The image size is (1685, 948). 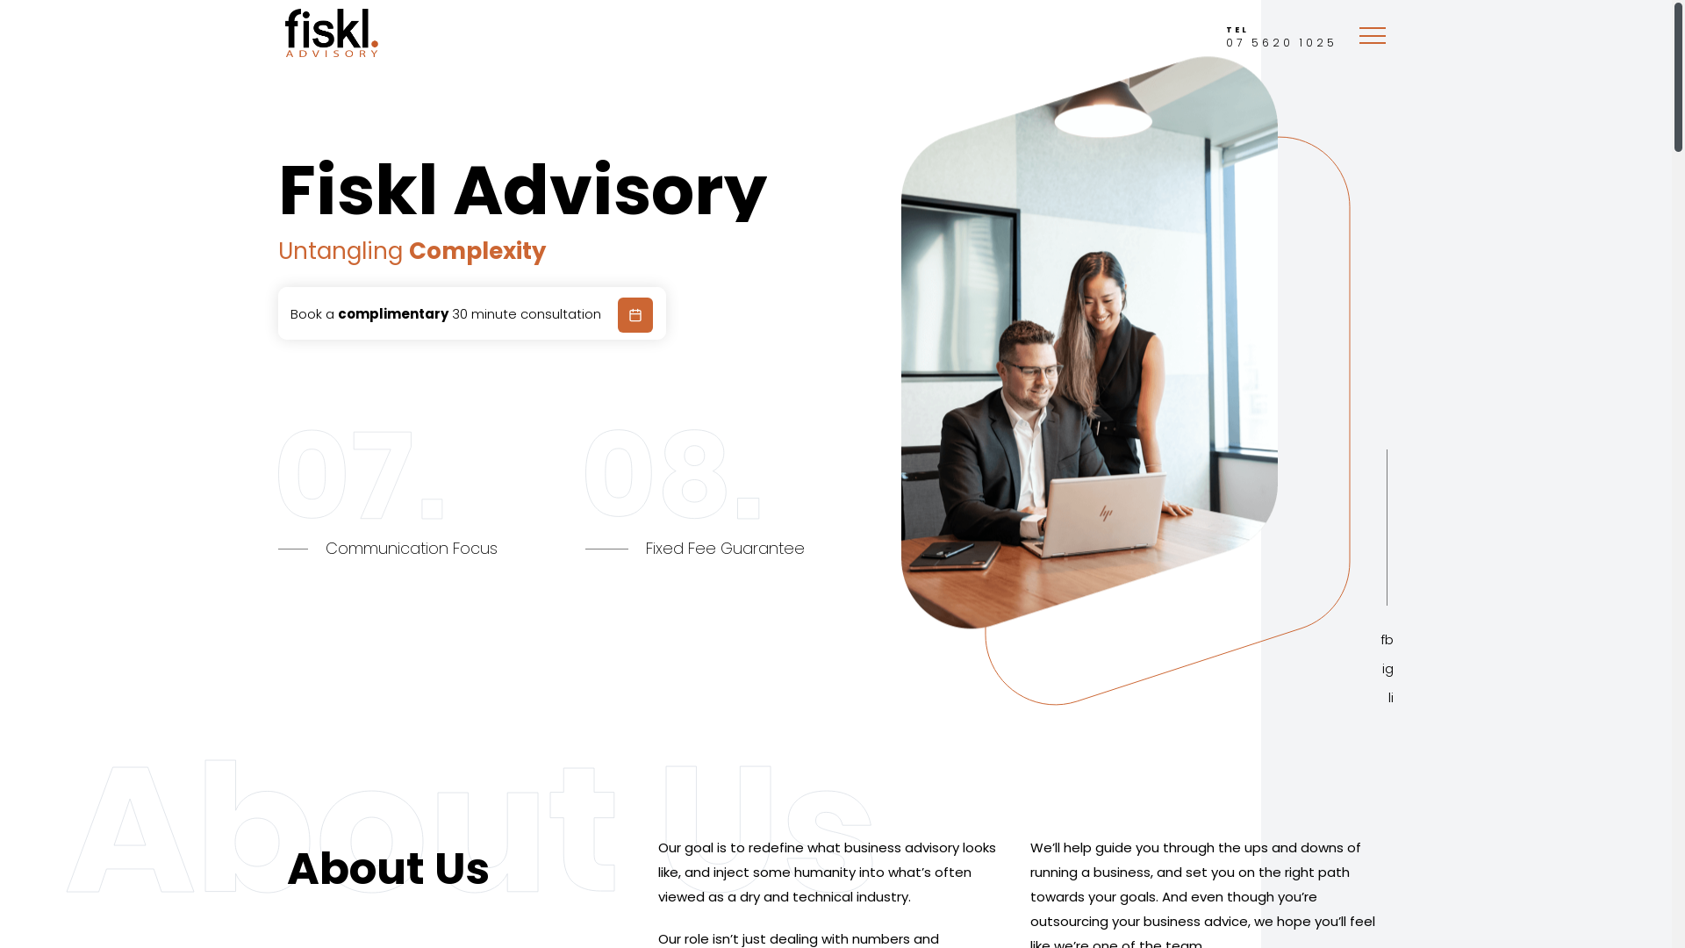 I want to click on 'li', so click(x=1386, y=696).